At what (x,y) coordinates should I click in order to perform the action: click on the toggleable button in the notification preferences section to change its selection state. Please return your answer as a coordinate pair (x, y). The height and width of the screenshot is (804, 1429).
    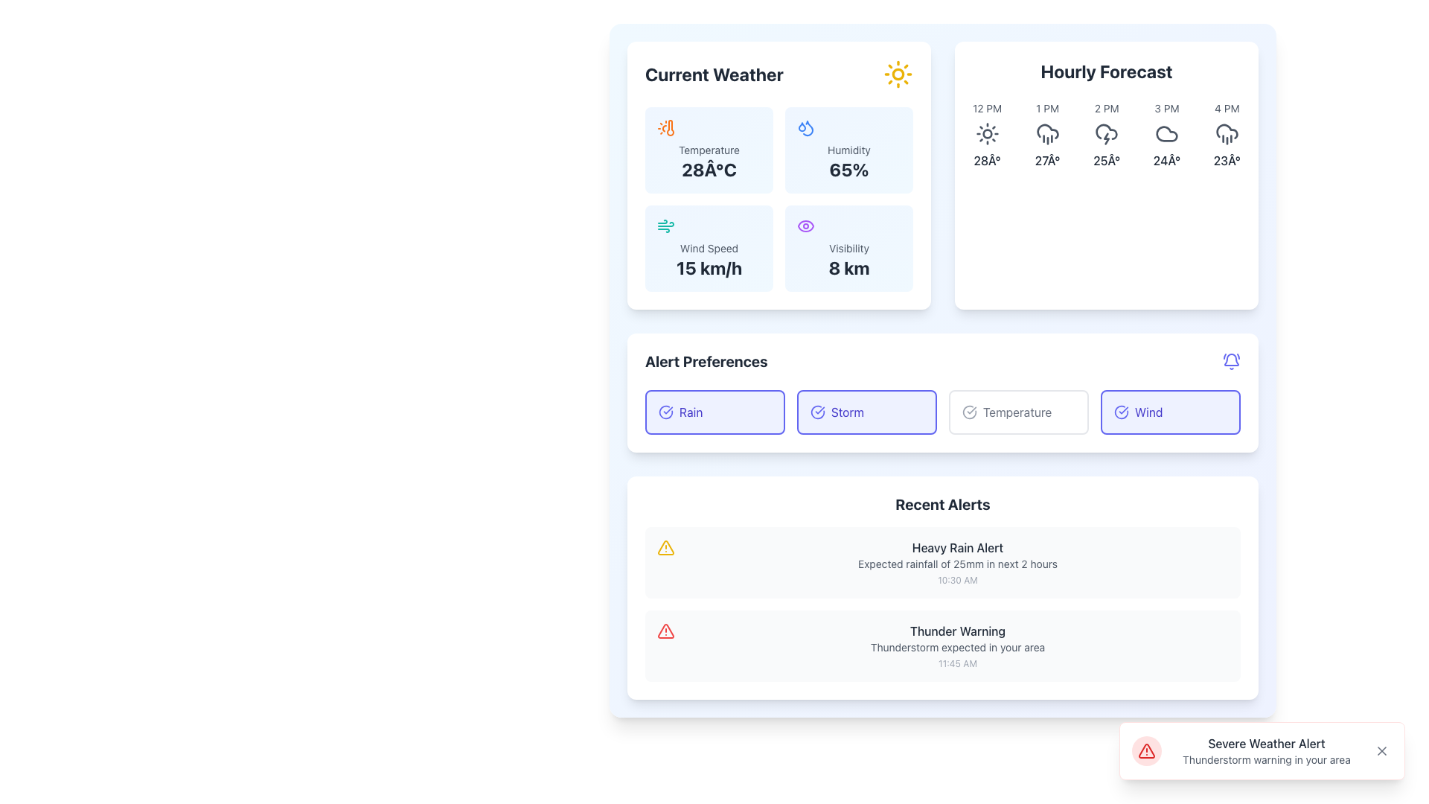
    Looking at the image, I should click on (942, 392).